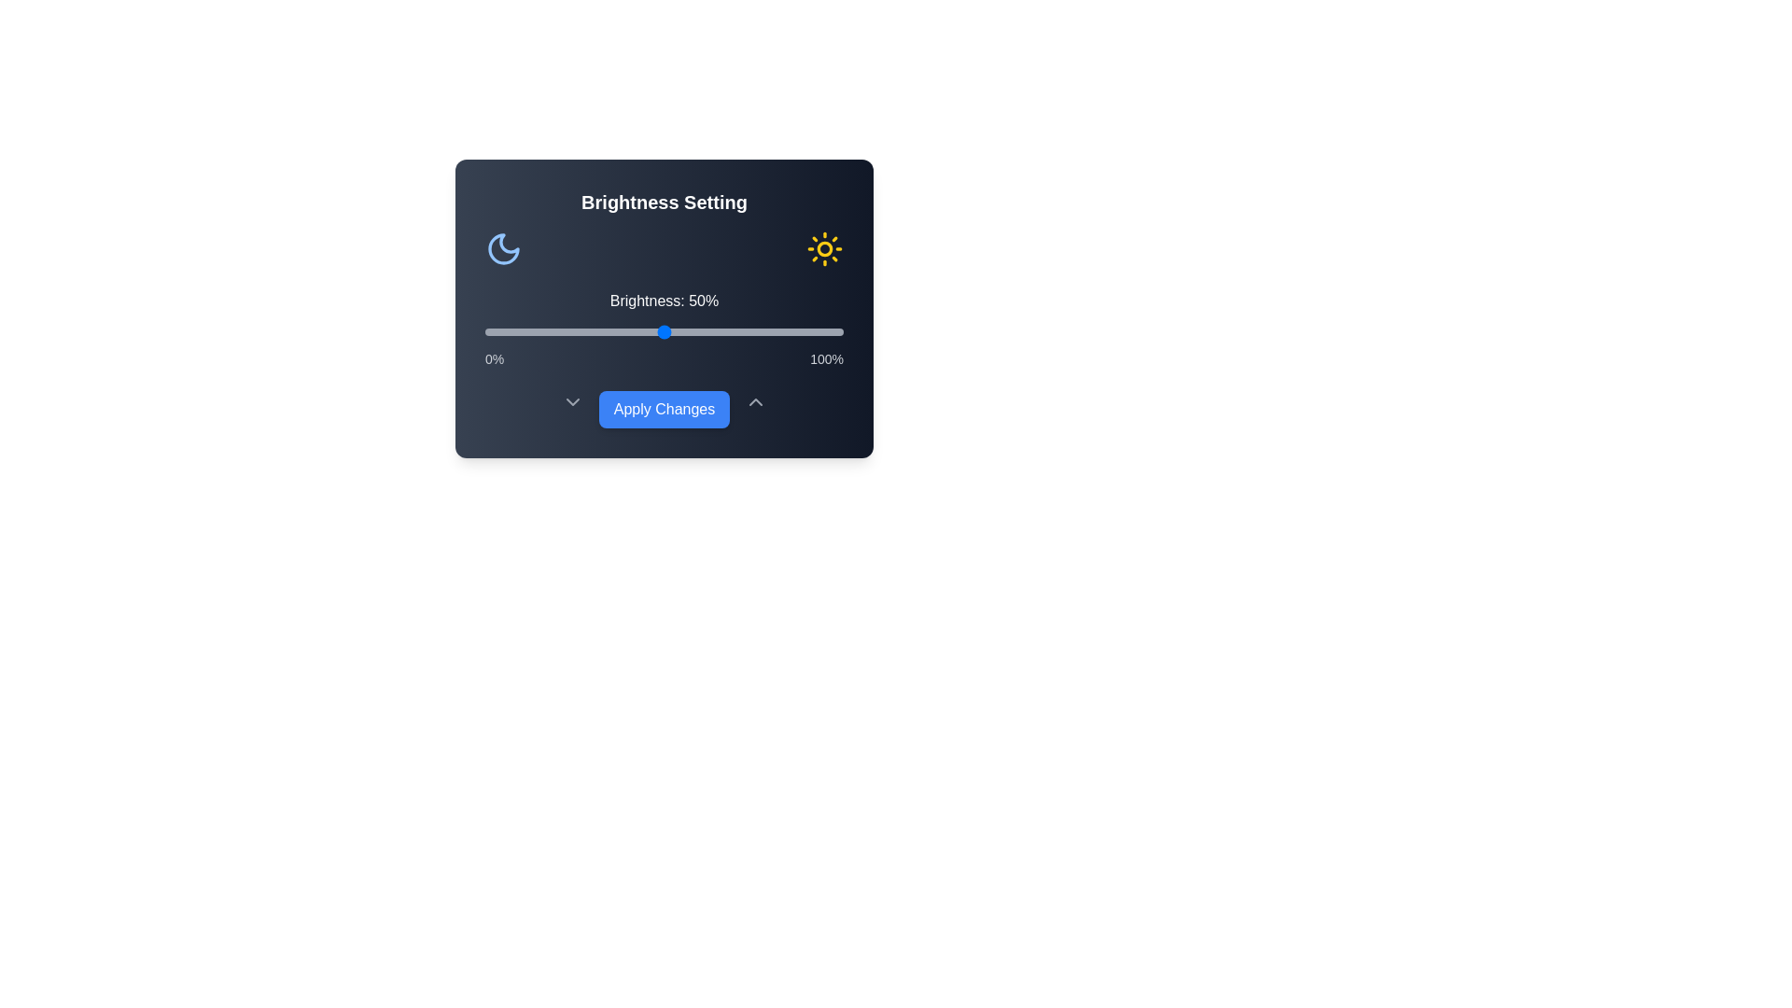  Describe the element at coordinates (823, 247) in the screenshot. I see `the Sun icon to interact with it` at that location.